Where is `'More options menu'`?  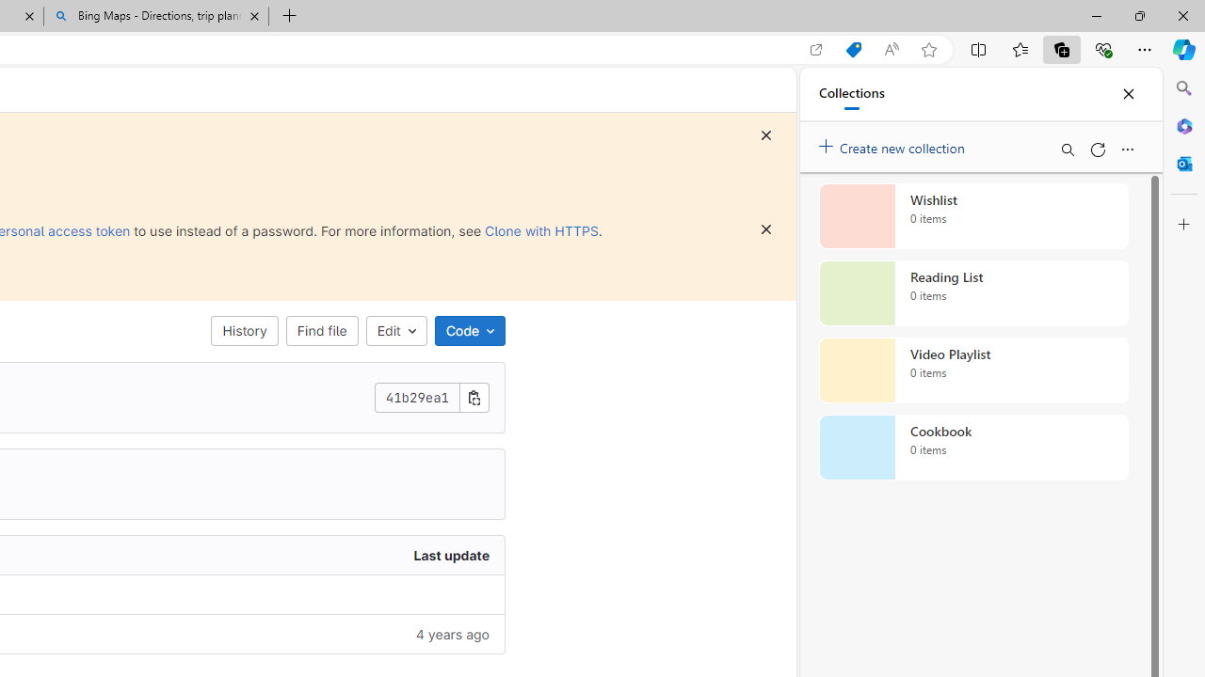 'More options menu' is located at coordinates (1127, 149).